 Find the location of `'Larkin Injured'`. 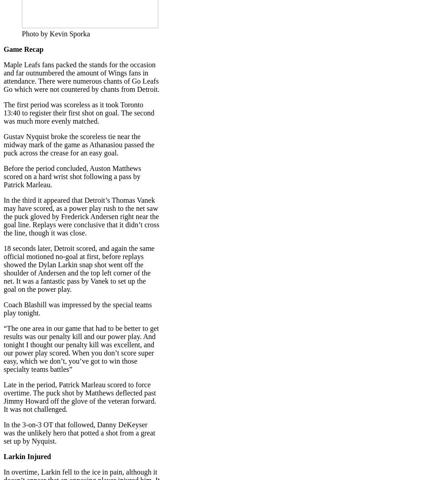

'Larkin Injured' is located at coordinates (4, 456).